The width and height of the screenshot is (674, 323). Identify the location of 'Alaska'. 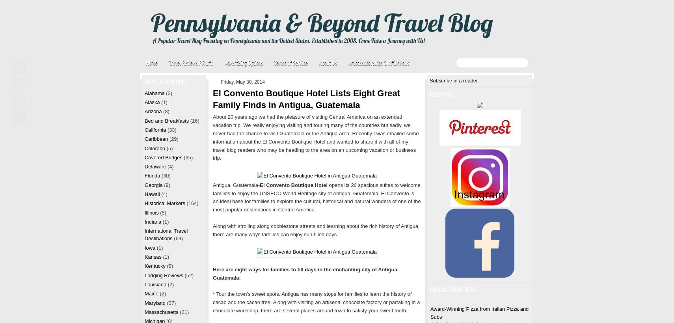
(151, 102).